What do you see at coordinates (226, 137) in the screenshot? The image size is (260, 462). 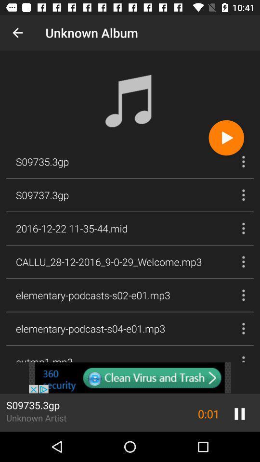 I see `the play icon` at bounding box center [226, 137].